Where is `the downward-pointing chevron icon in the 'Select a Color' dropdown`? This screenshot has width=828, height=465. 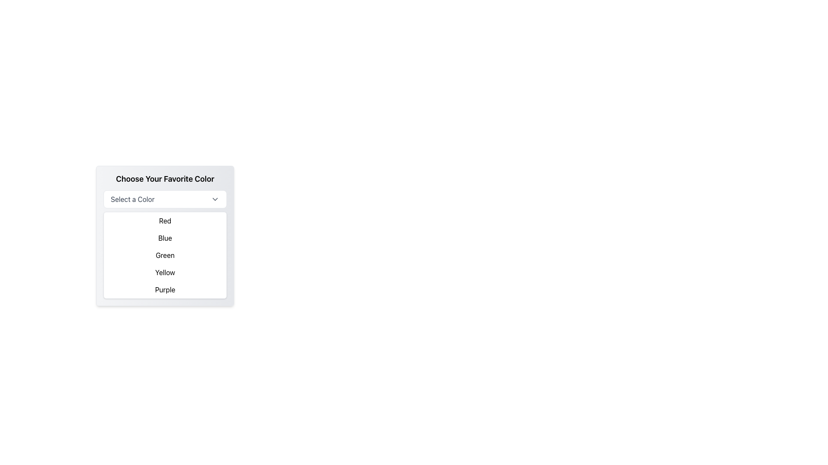 the downward-pointing chevron icon in the 'Select a Color' dropdown is located at coordinates (215, 199).